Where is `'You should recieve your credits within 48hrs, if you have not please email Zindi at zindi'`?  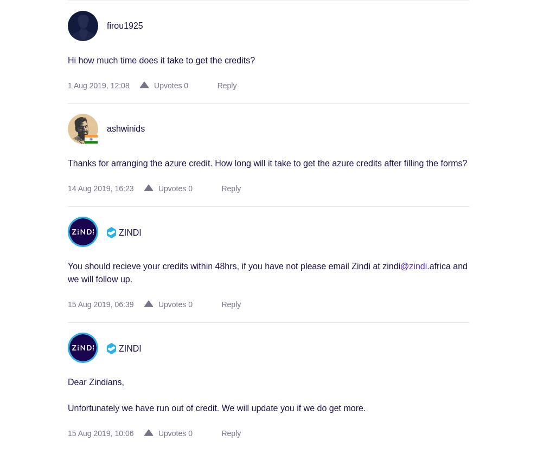 'You should recieve your credits within 48hrs, if you have not please email Zindi at zindi' is located at coordinates (233, 266).